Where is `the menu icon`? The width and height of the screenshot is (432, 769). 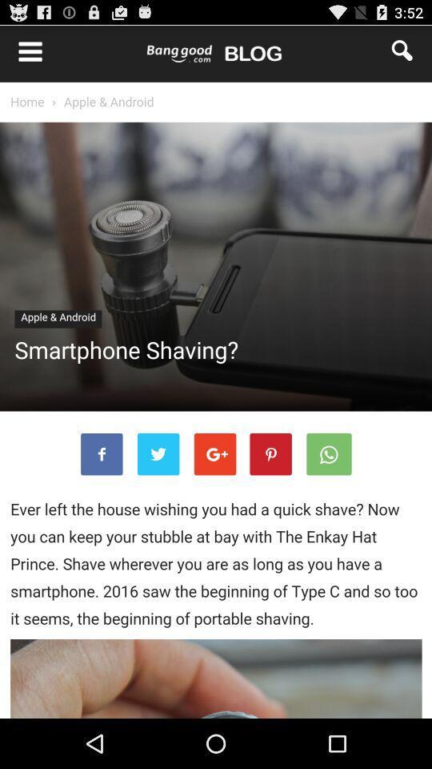 the menu icon is located at coordinates (22, 54).